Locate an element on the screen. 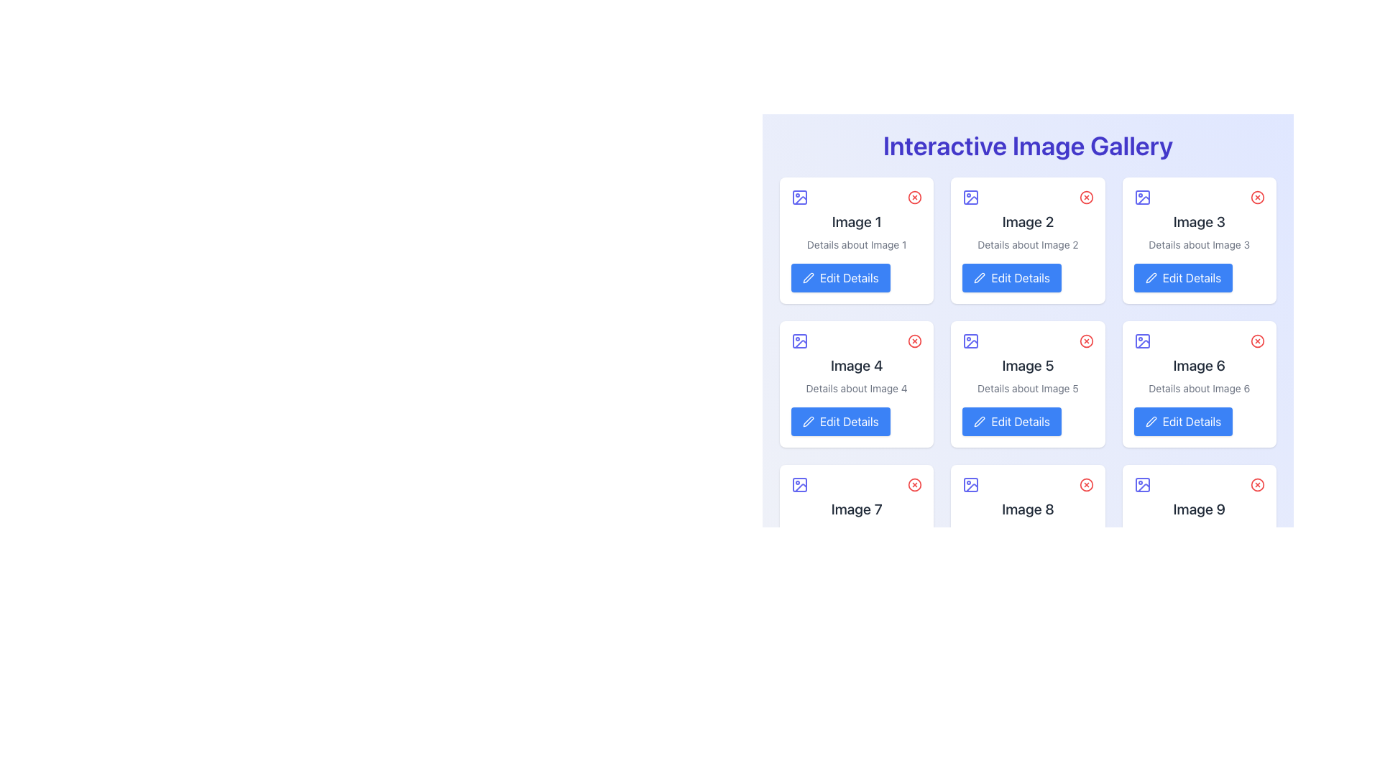 This screenshot has height=776, width=1380. the text label displaying 'Image 8' which is styled with a medium-sized, bold font in dark gray color, positioned in a white card is located at coordinates (1027, 509).